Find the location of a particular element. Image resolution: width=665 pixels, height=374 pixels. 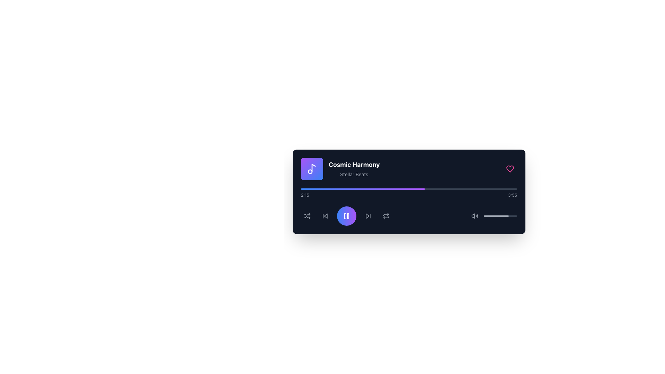

the volume slider is located at coordinates (517, 216).